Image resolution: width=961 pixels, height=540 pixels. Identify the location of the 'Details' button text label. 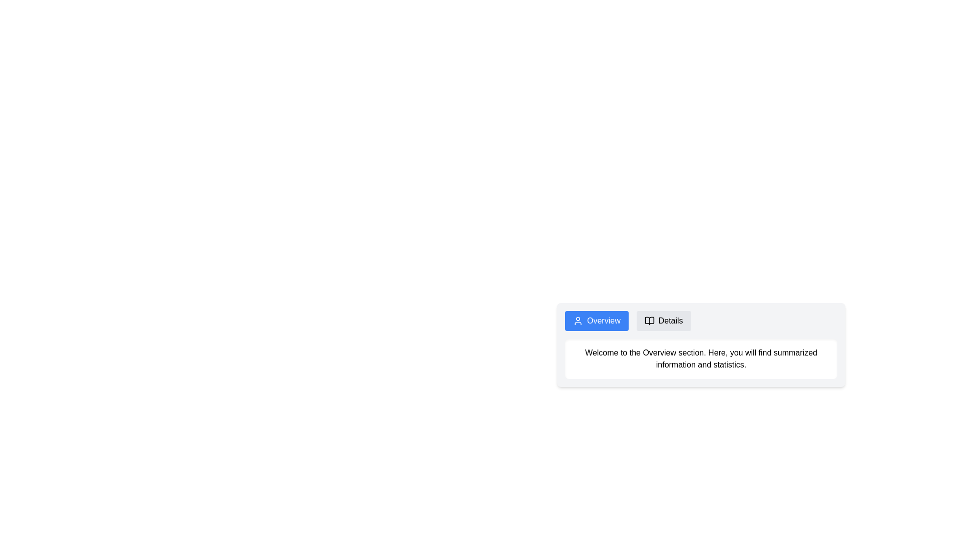
(671, 320).